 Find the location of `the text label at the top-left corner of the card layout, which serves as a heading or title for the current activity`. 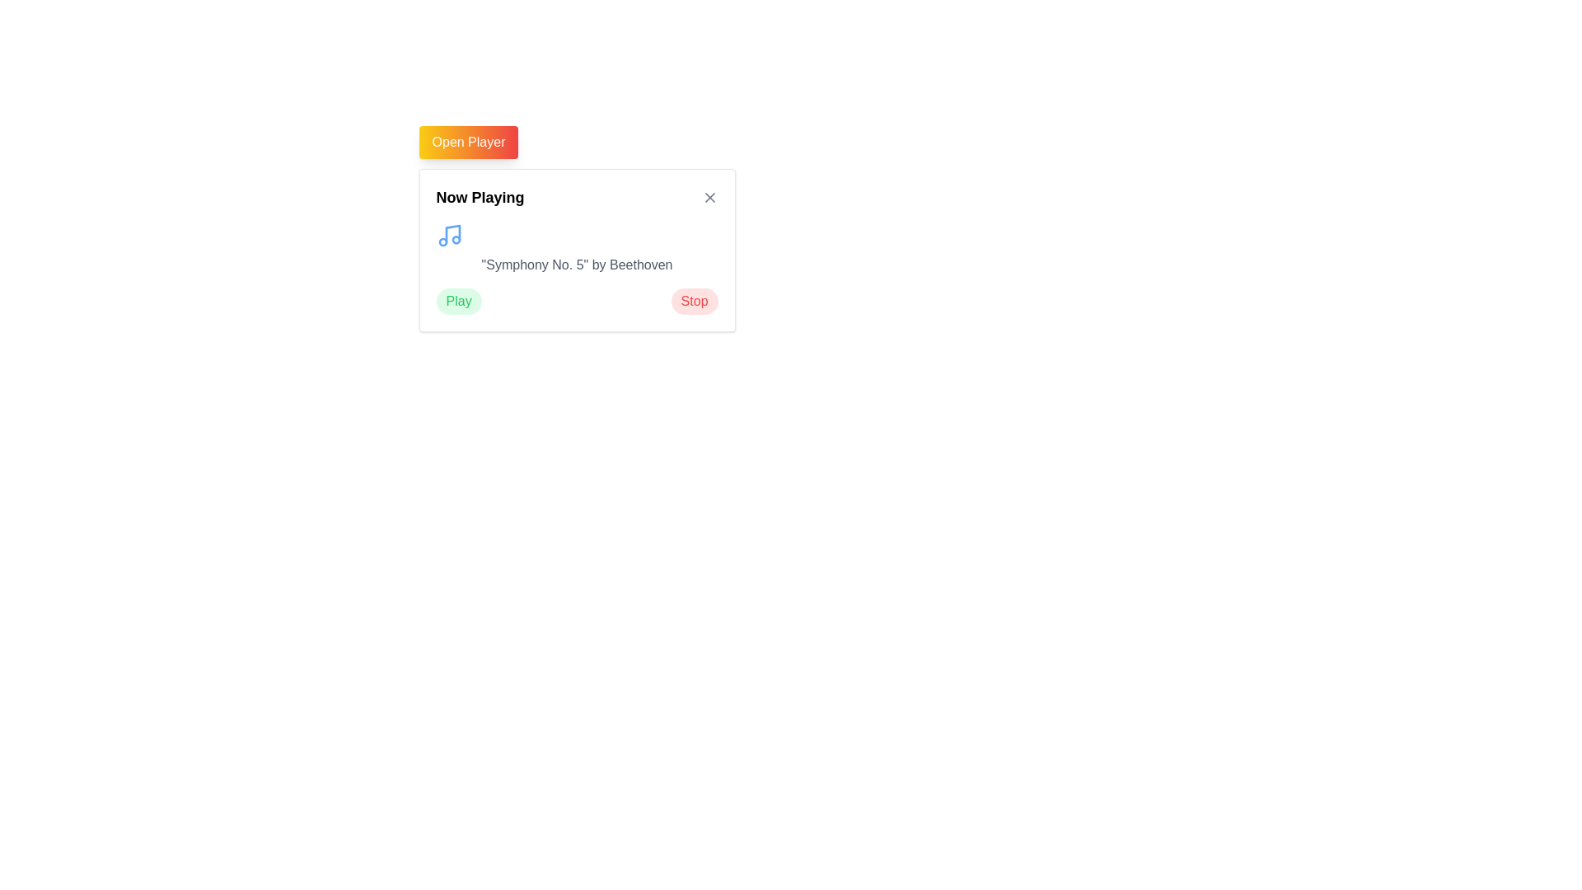

the text label at the top-left corner of the card layout, which serves as a heading or title for the current activity is located at coordinates (480, 196).